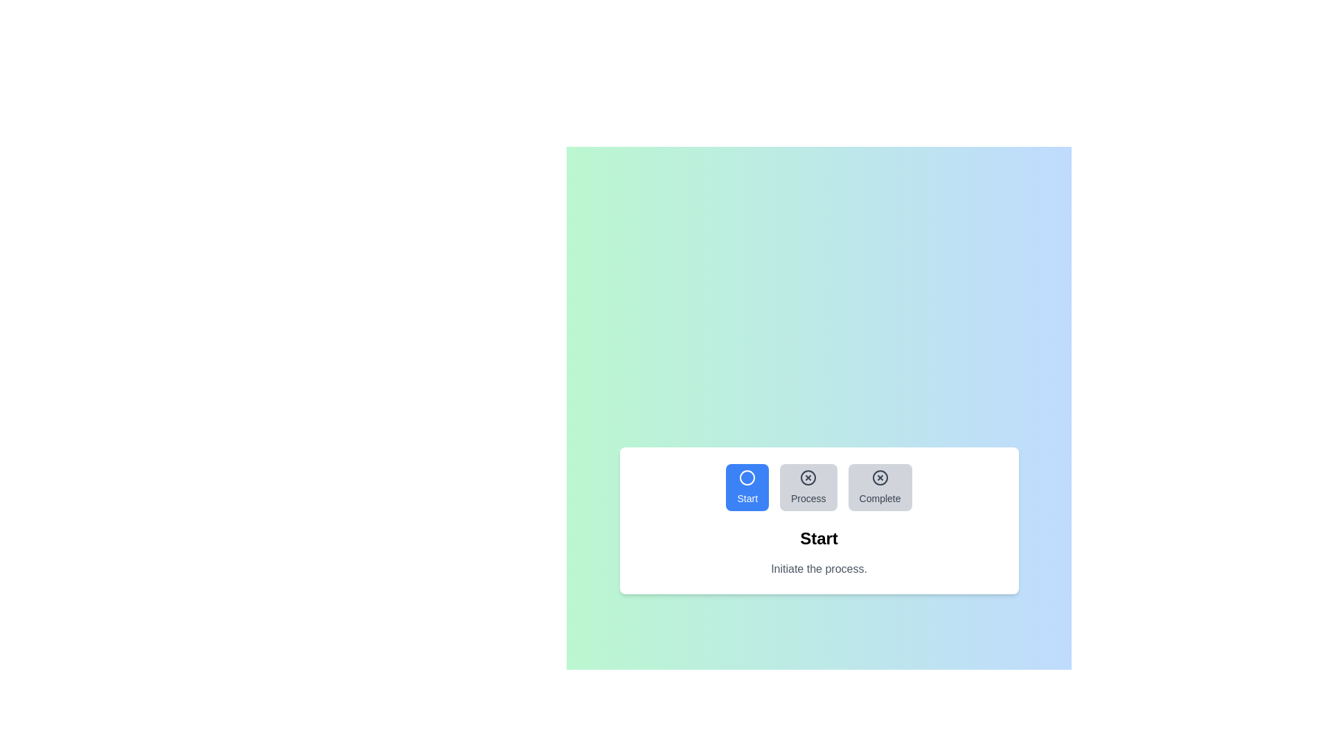 The width and height of the screenshot is (1330, 748). What do you see at coordinates (747, 487) in the screenshot?
I see `the 'Start' button located at the top left among its sibling buttons` at bounding box center [747, 487].